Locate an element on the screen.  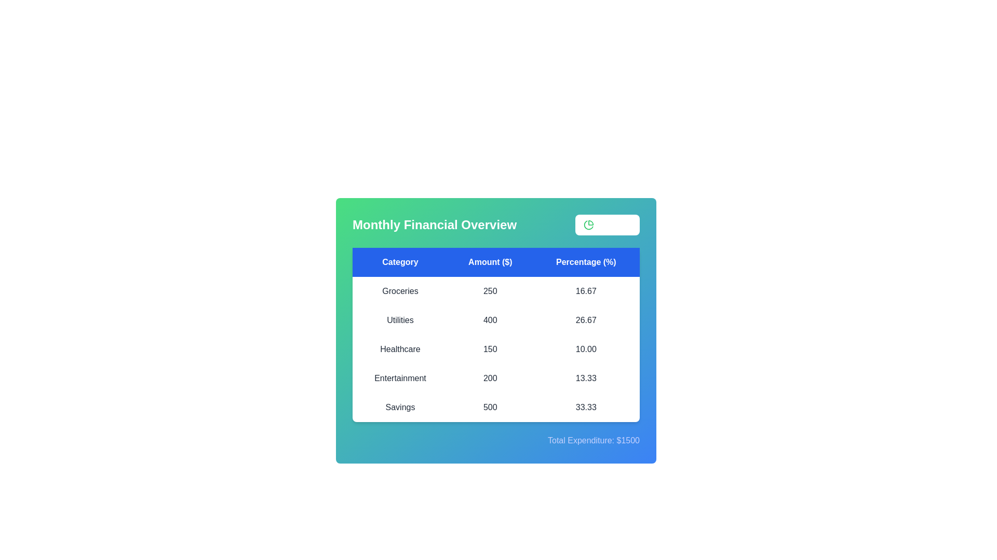
the row corresponding to a specific category Savings is located at coordinates (400, 407).